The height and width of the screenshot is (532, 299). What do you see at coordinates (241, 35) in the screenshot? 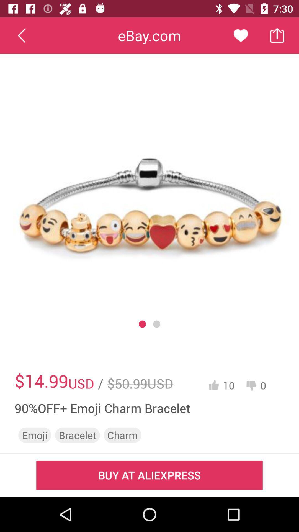
I see `the favorite icon` at bounding box center [241, 35].